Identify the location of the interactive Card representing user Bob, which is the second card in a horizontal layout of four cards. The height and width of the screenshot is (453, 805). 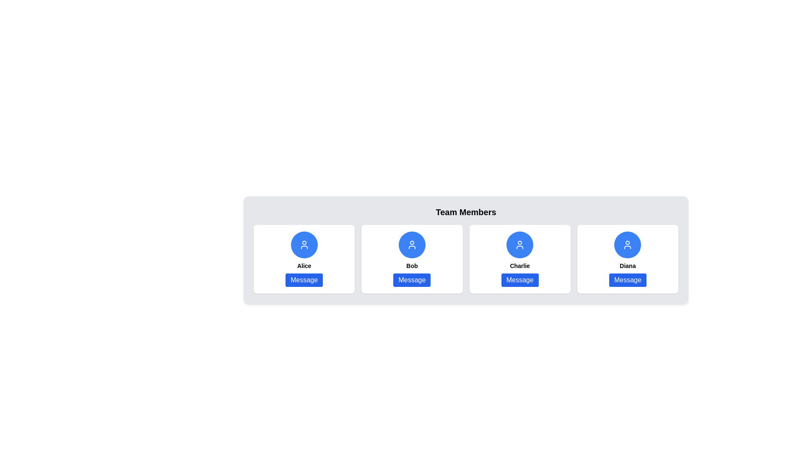
(412, 258).